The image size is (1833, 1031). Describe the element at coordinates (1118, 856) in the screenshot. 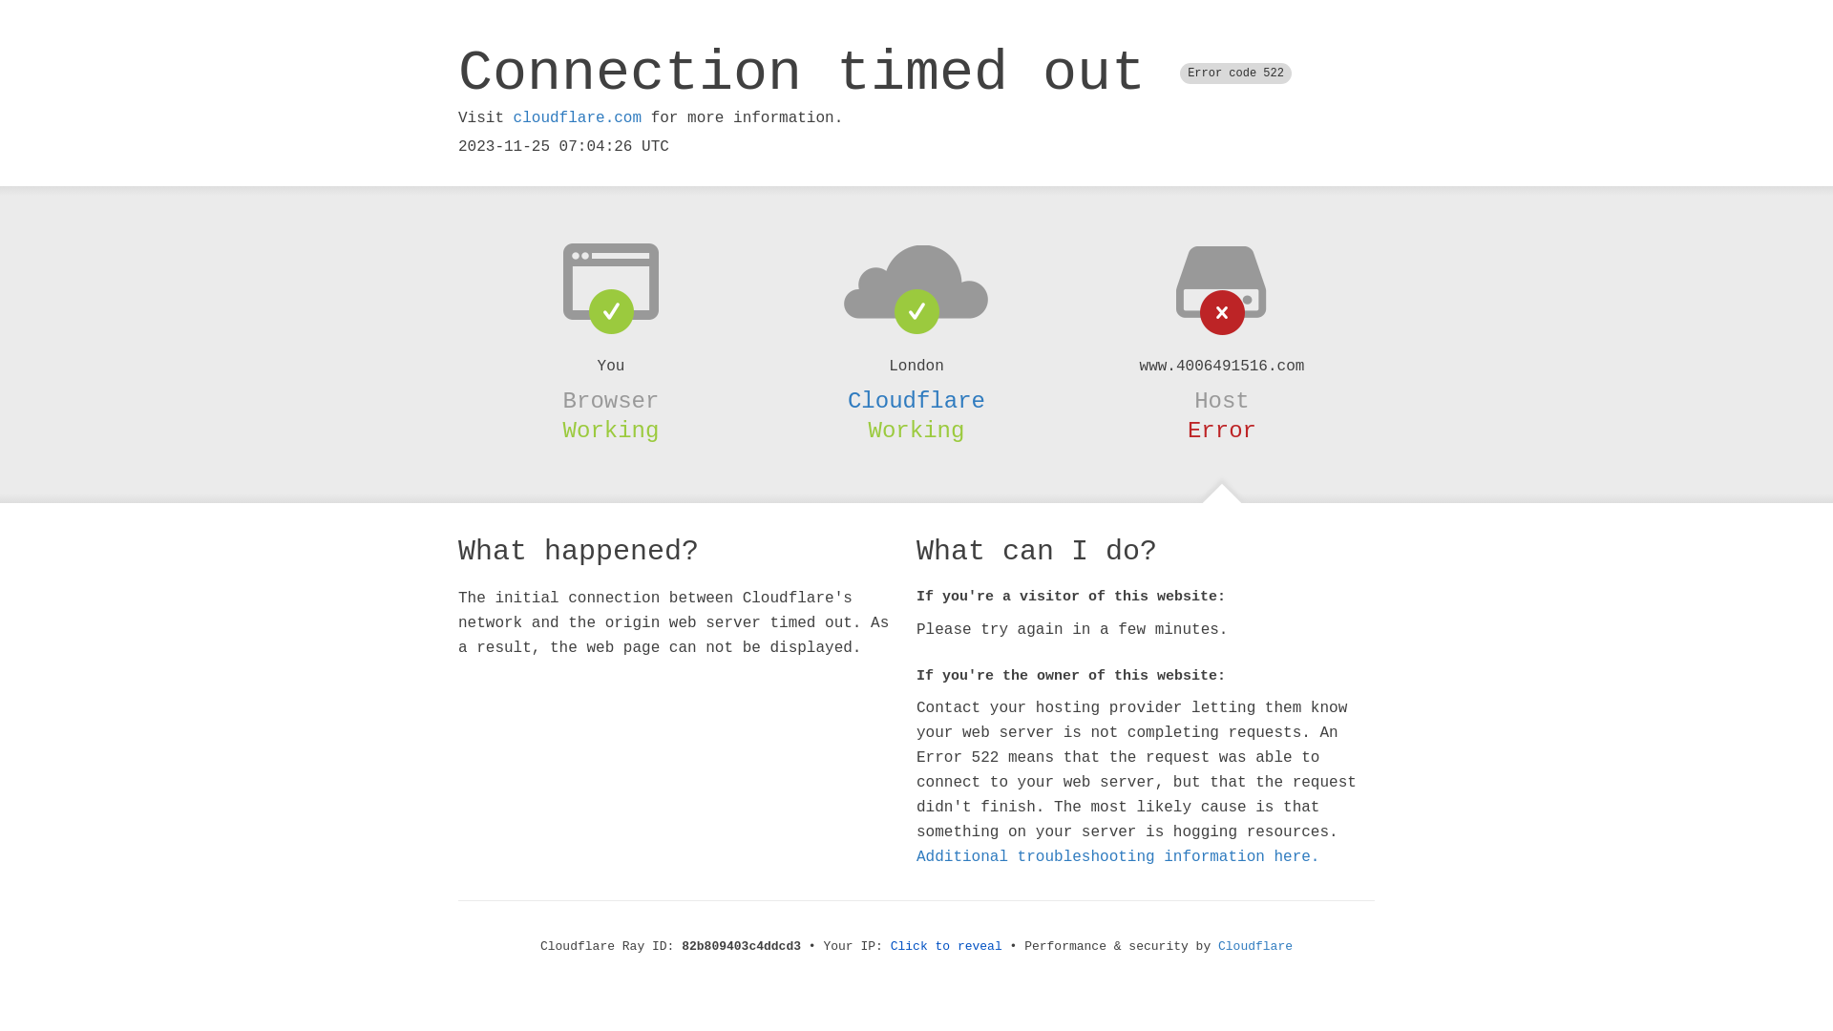

I see `'Additional troubleshooting information here.'` at that location.